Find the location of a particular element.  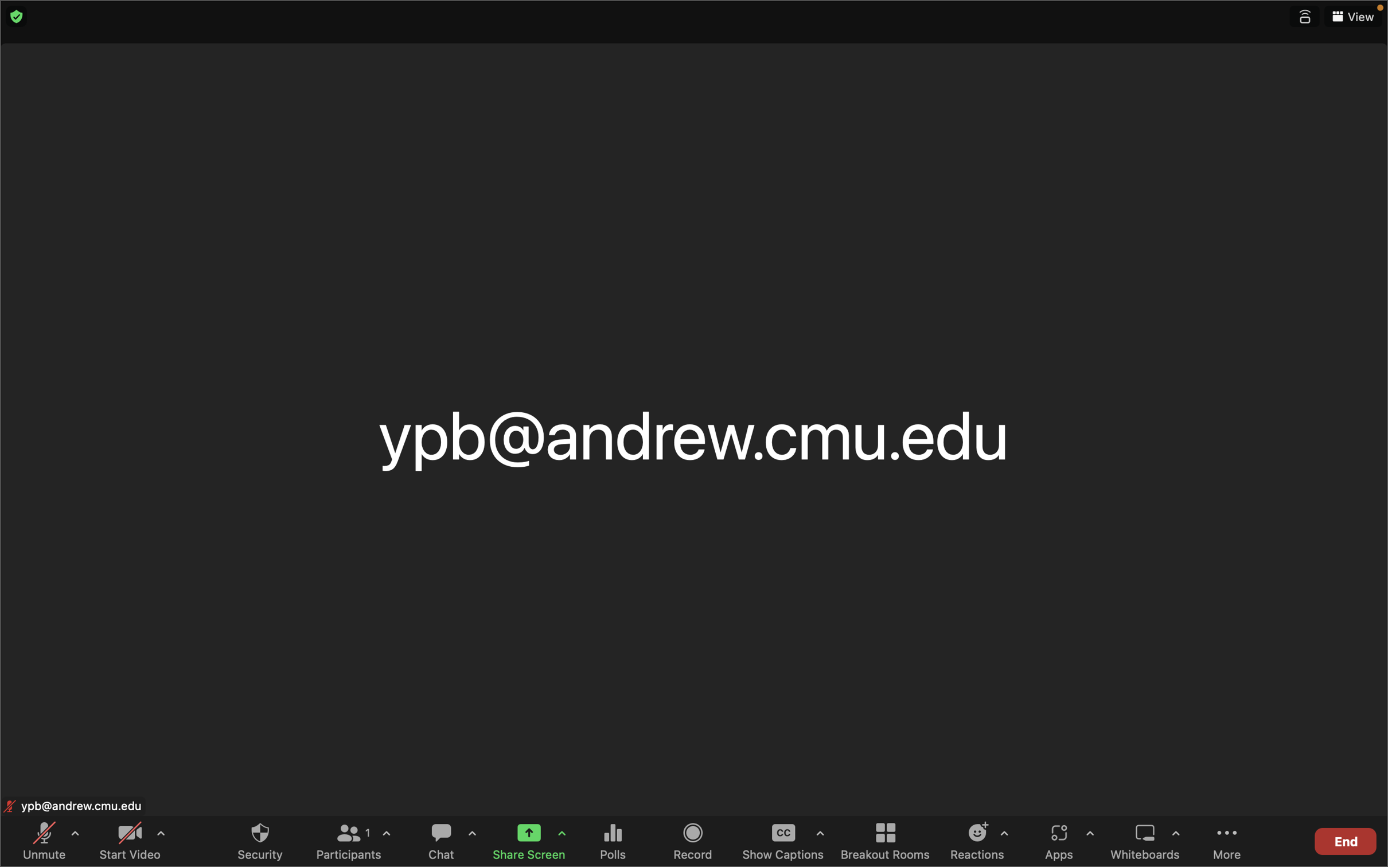

Execute the process to terminate the meeting is located at coordinates (1344, 839).